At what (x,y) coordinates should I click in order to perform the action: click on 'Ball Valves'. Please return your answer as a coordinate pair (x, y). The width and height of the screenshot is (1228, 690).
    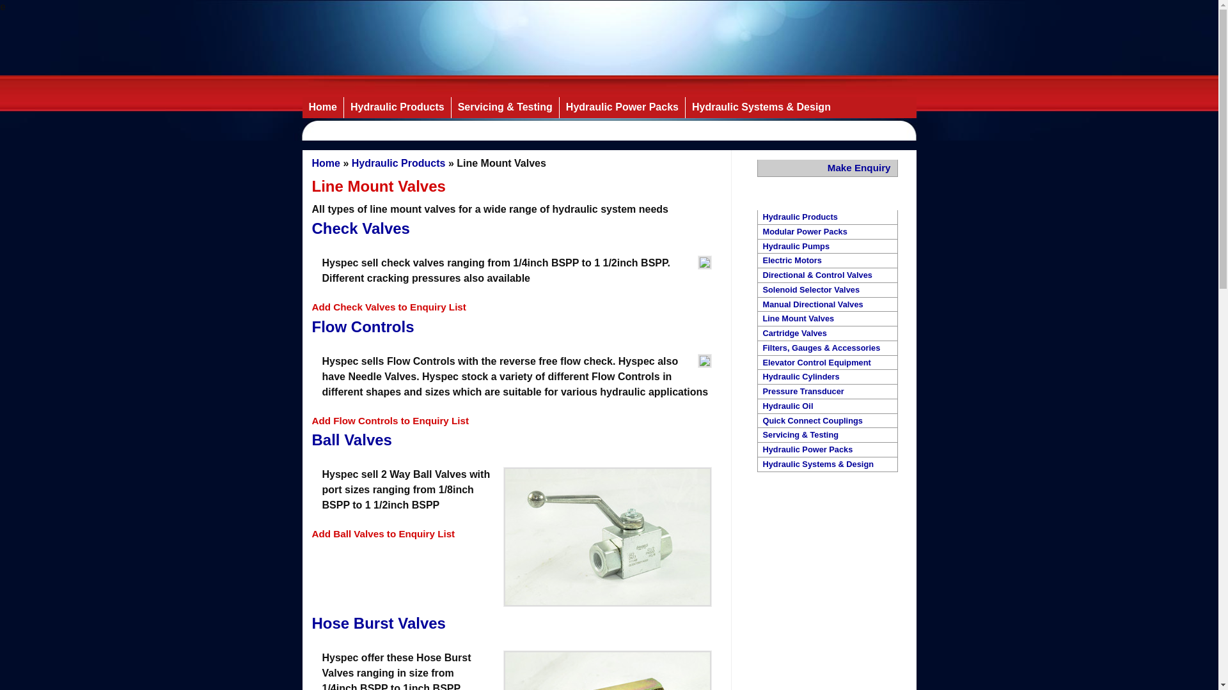
    Looking at the image, I should click on (352, 439).